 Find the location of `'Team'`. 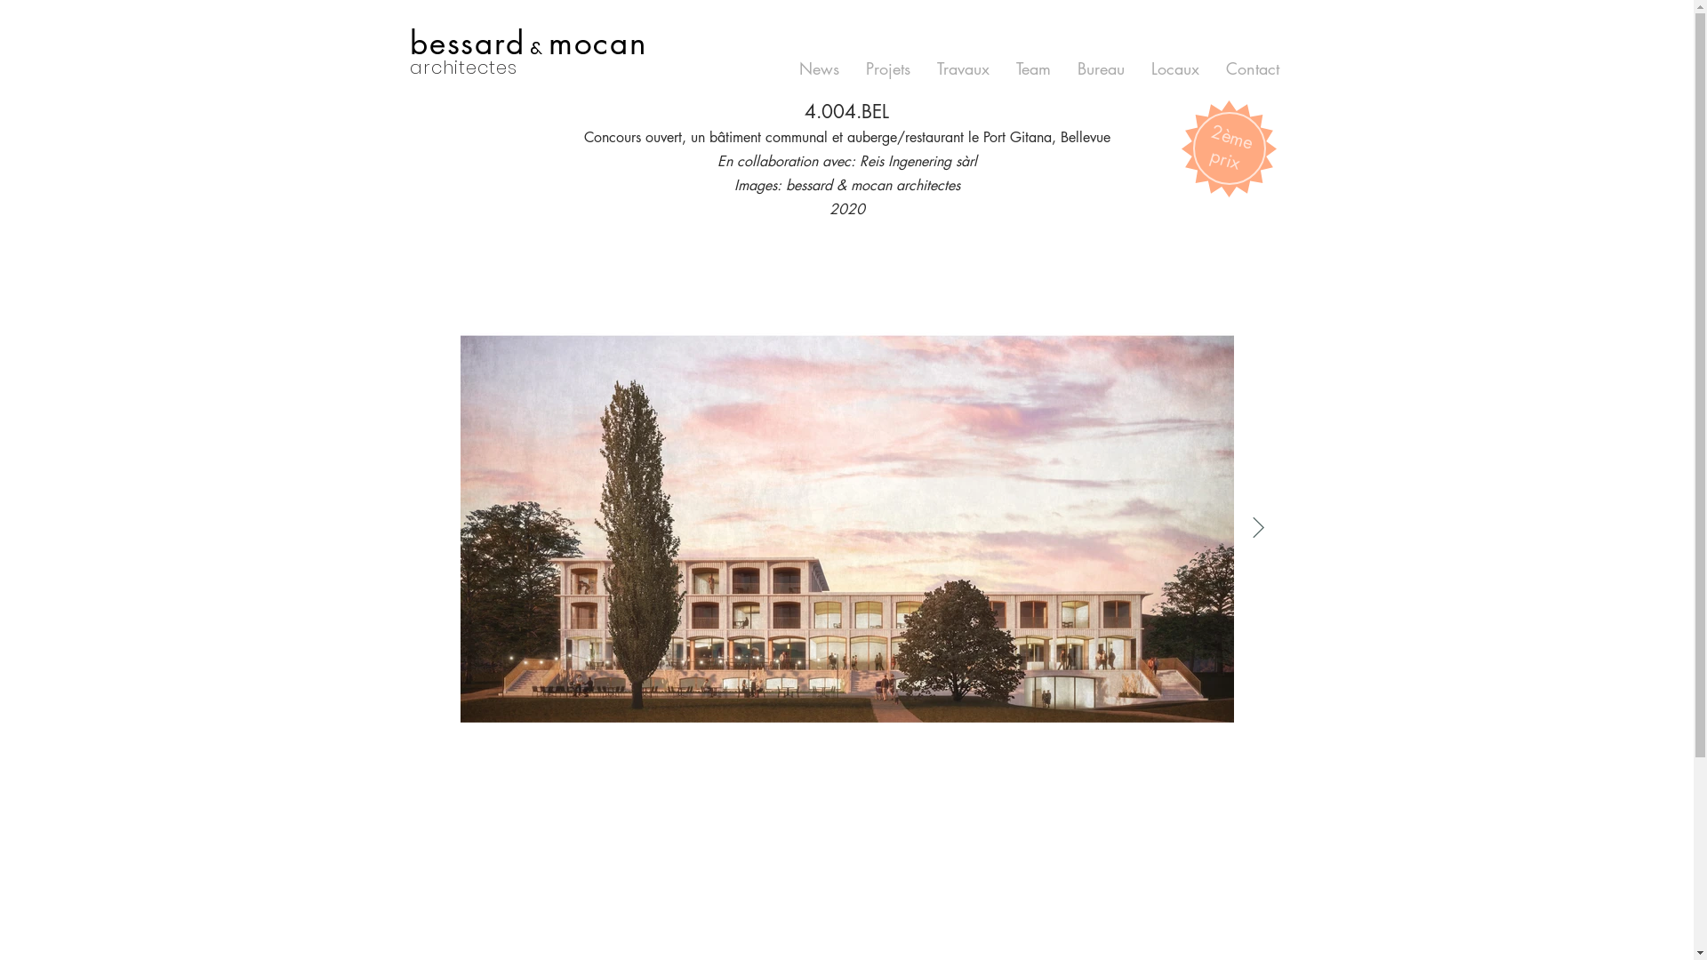

'Team' is located at coordinates (1033, 68).